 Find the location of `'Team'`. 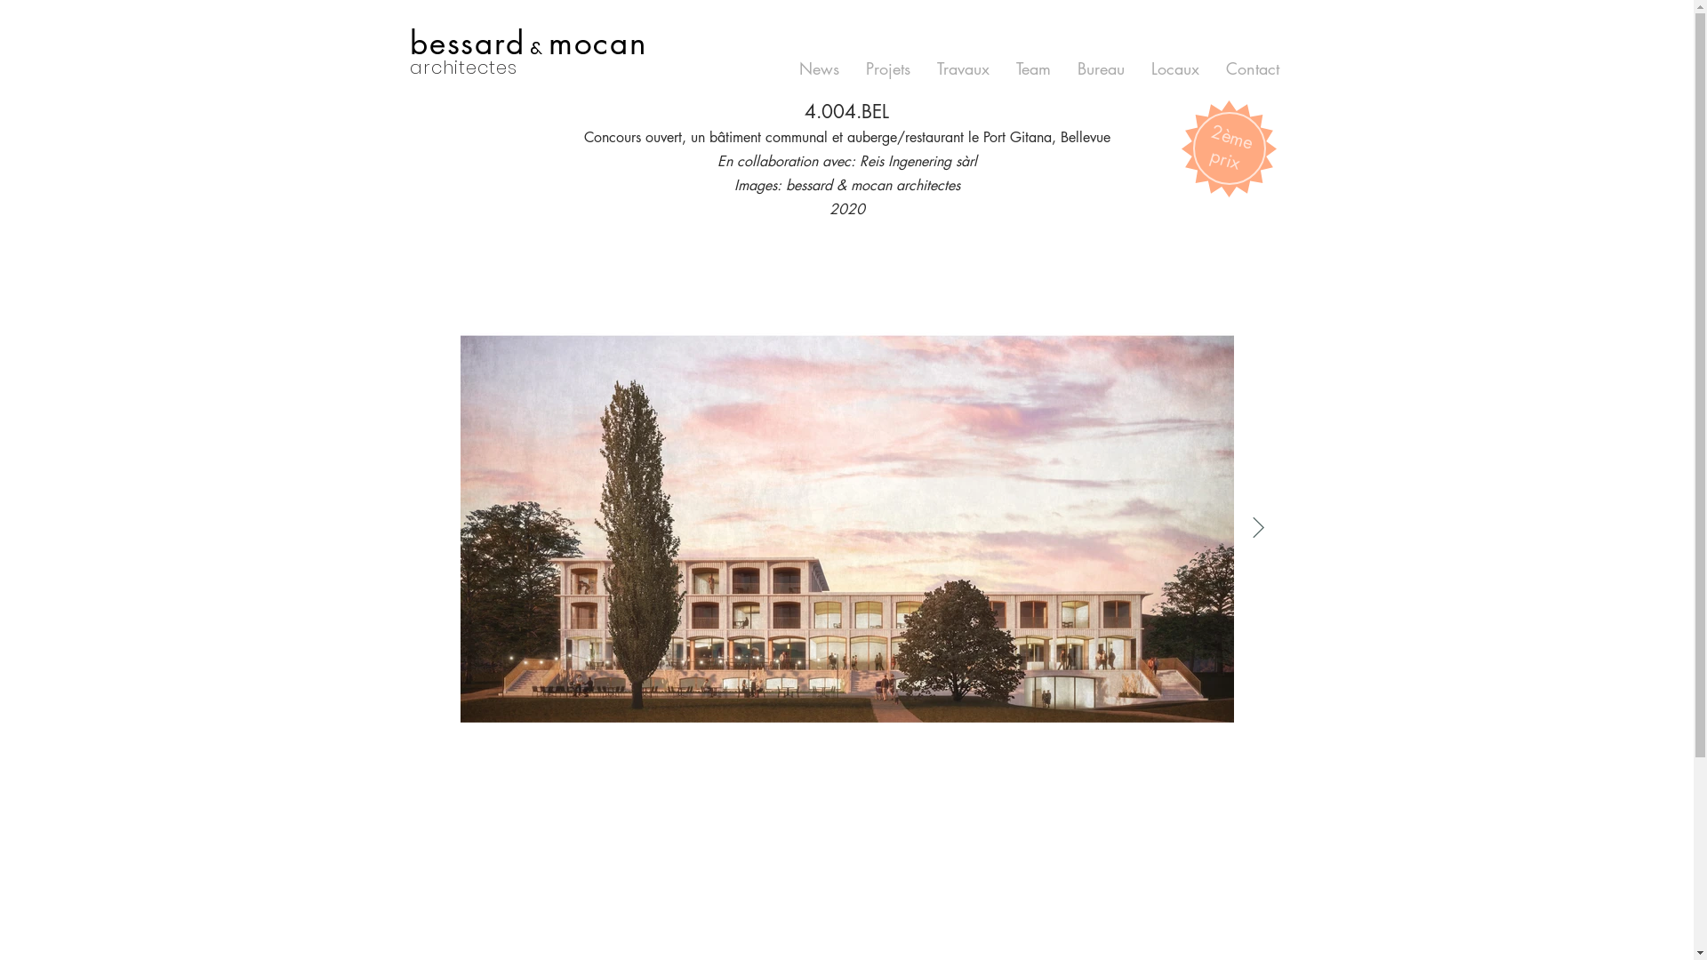

'Team' is located at coordinates (1033, 68).